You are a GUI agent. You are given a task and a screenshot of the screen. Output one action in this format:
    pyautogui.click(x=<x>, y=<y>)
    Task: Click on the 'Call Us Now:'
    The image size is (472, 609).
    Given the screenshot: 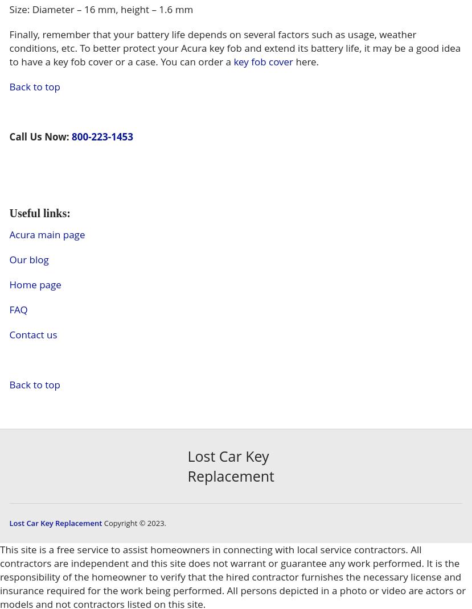 What is the action you would take?
    pyautogui.click(x=39, y=136)
    